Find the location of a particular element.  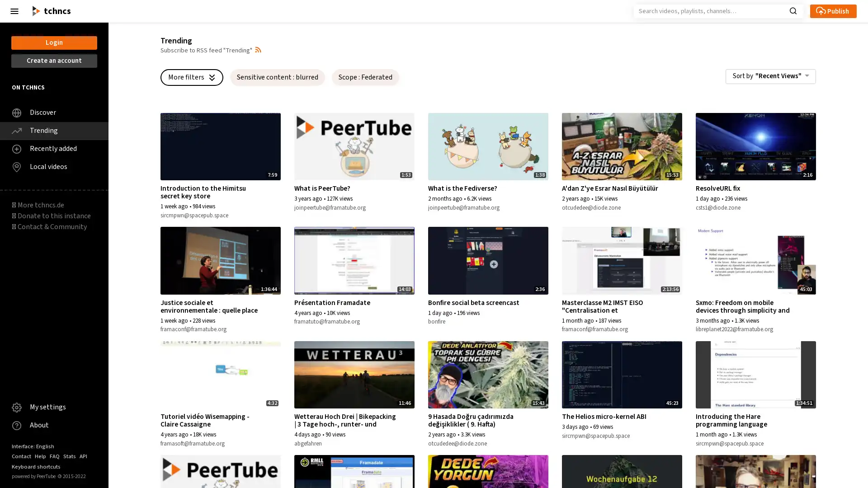

Search is located at coordinates (793, 10).